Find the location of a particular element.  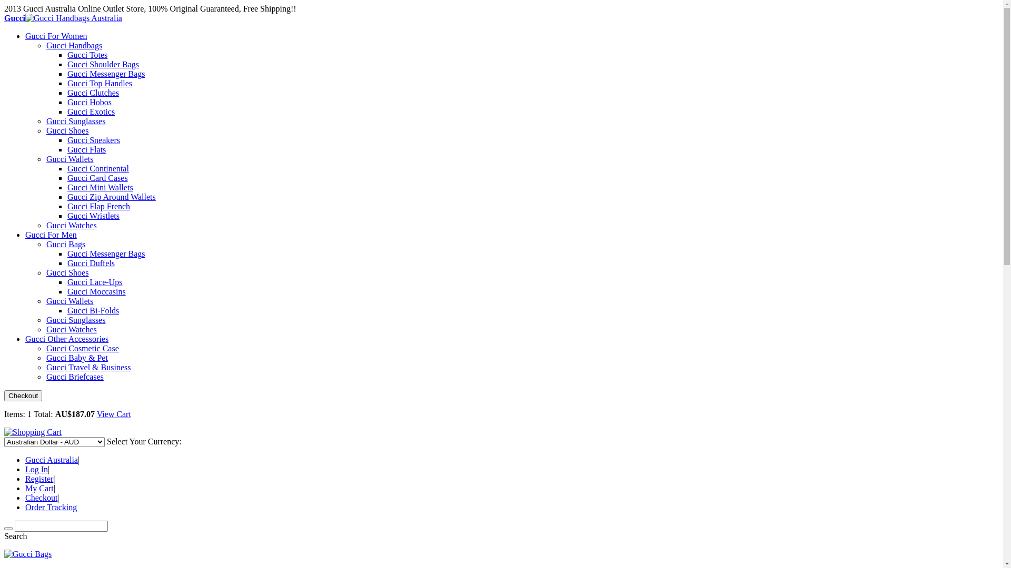

'Gucci Zip Around Wallets' is located at coordinates (111, 197).